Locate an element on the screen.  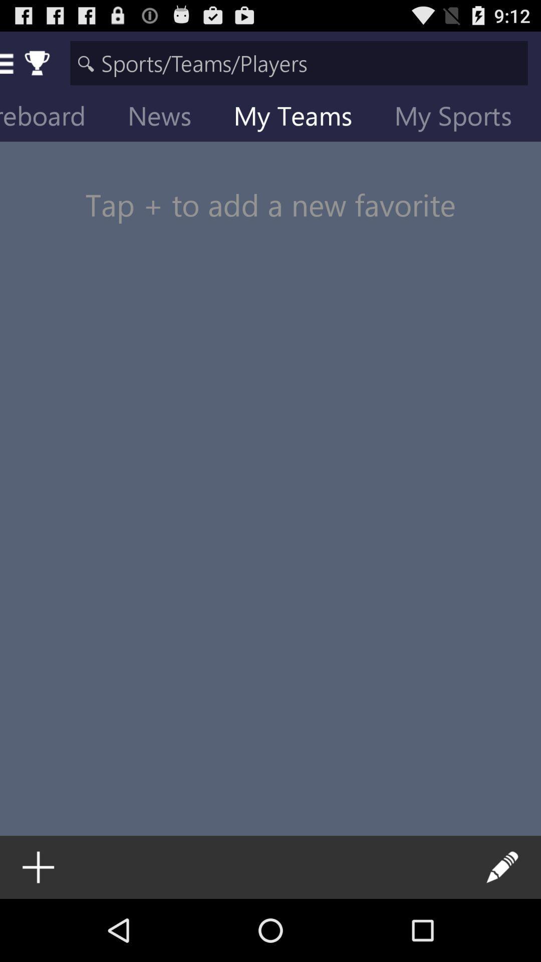
my teams item is located at coordinates (300, 118).